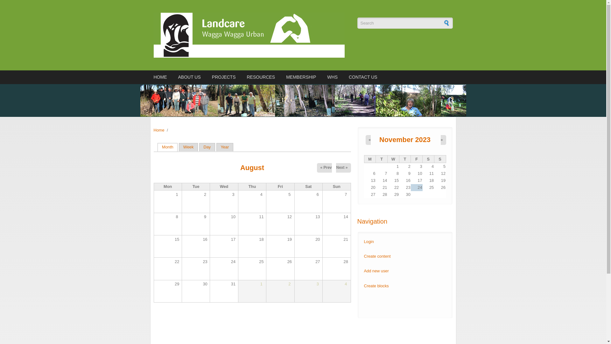  What do you see at coordinates (224, 77) in the screenshot?
I see `'PROJECTS'` at bounding box center [224, 77].